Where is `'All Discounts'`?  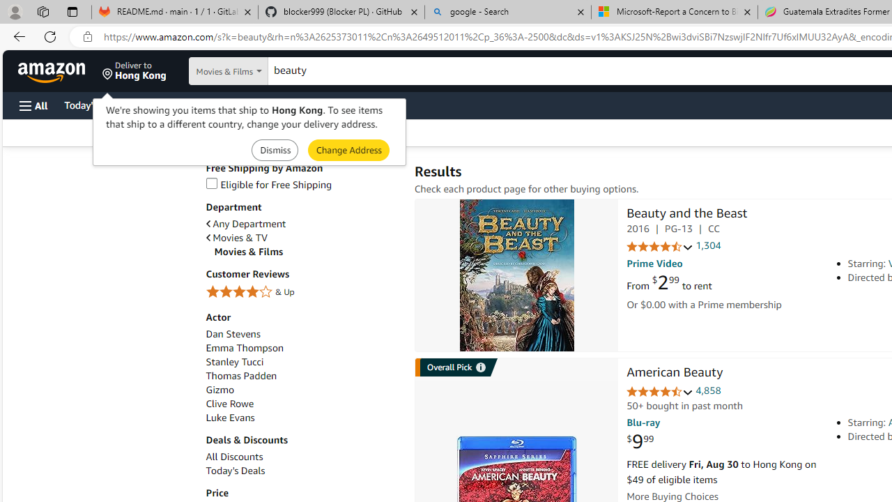
'All Discounts' is located at coordinates (302, 457).